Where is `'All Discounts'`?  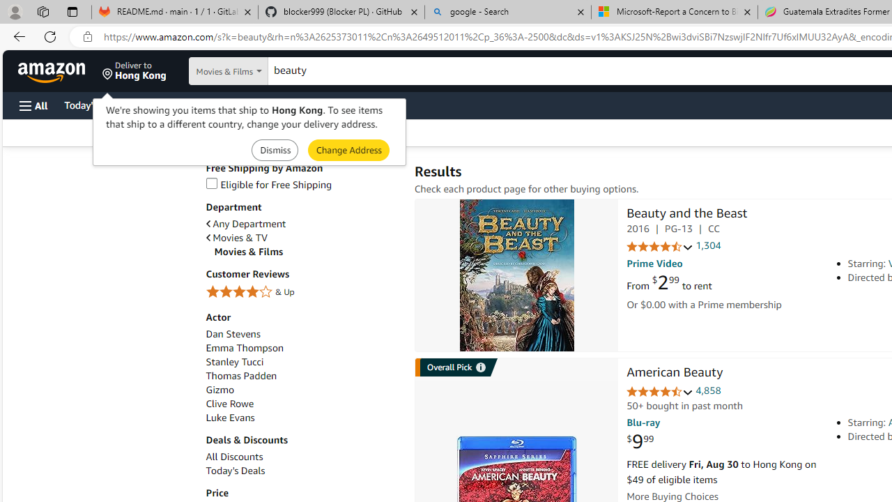
'All Discounts' is located at coordinates (302, 457).